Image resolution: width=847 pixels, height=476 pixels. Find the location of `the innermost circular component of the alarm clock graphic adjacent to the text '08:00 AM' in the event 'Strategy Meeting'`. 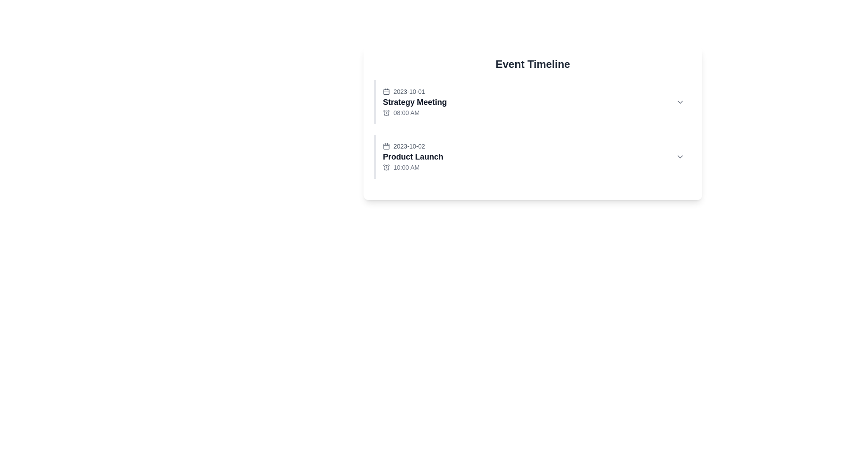

the innermost circular component of the alarm clock graphic adjacent to the text '08:00 AM' in the event 'Strategy Meeting' is located at coordinates (386, 112).